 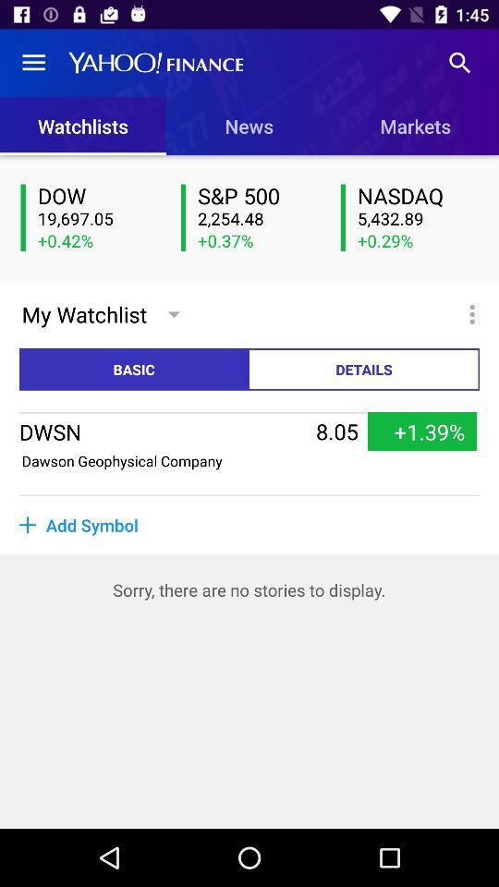 What do you see at coordinates (98, 197) in the screenshot?
I see `icon above 19,697.05 item` at bounding box center [98, 197].